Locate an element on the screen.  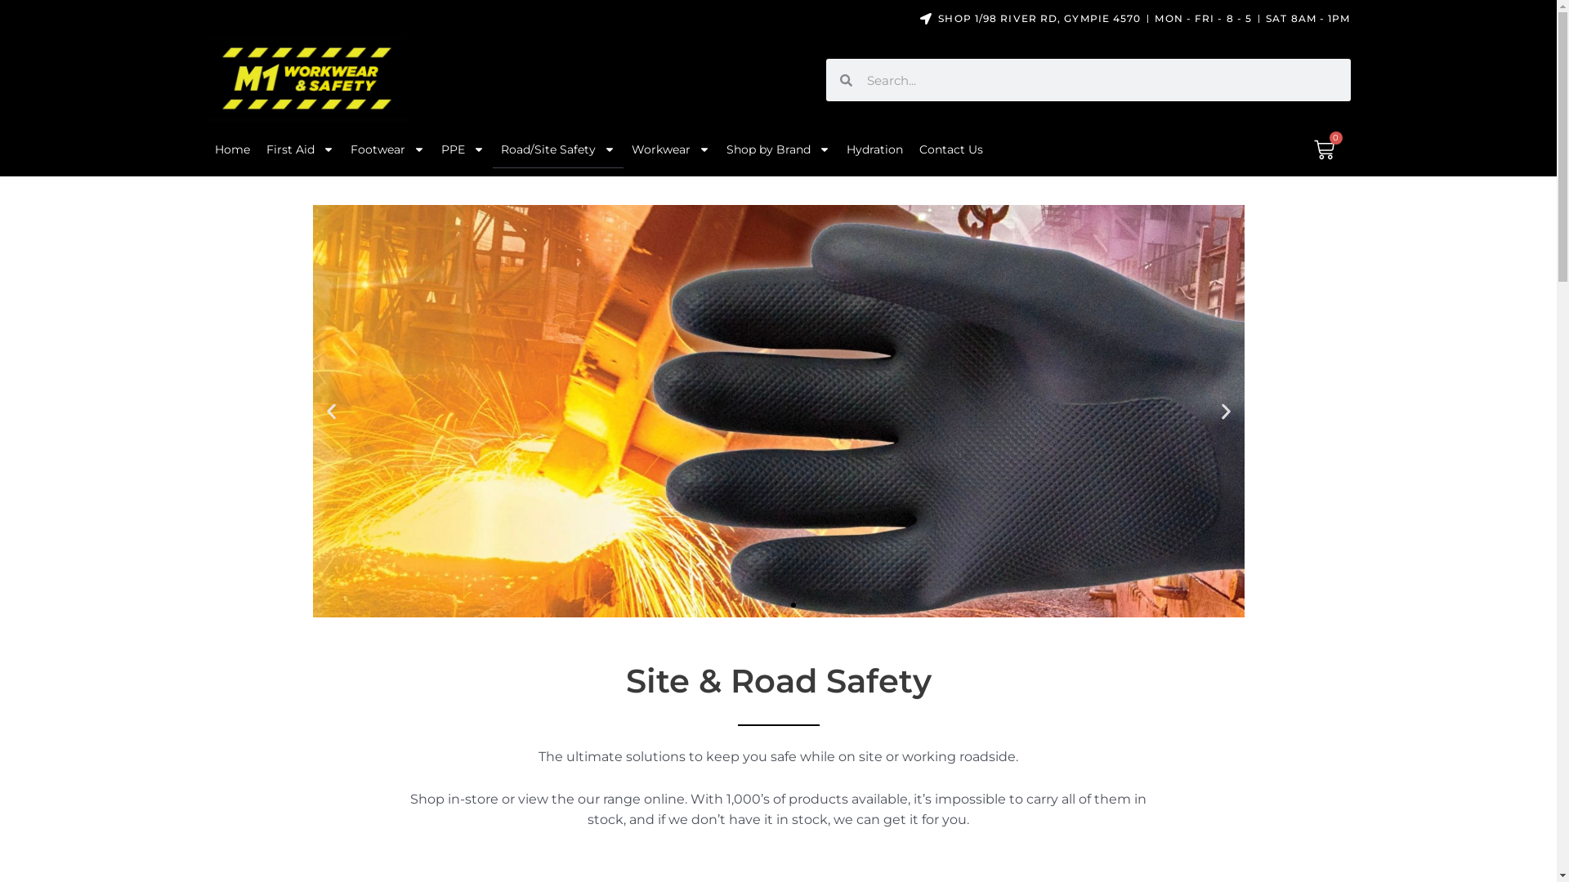
'Shop by Brand' is located at coordinates (717, 149).